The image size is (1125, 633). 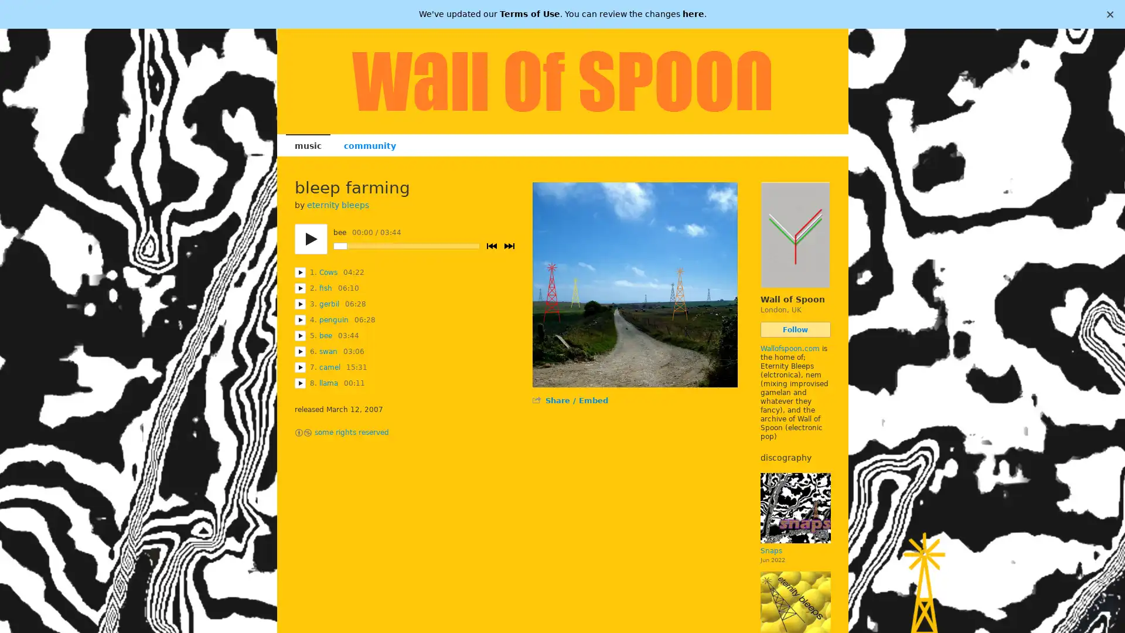 I want to click on Play/pause, so click(x=310, y=239).